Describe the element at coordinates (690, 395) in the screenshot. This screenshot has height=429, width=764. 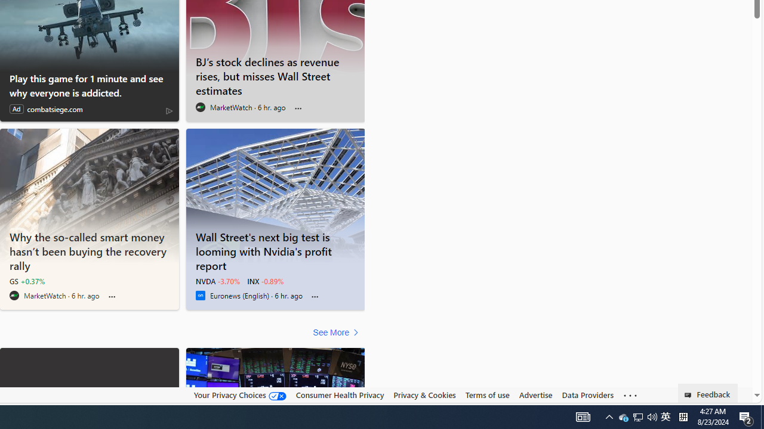
I see `'Class: feedback_link_icon-DS-EntryPoint1-1'` at that location.